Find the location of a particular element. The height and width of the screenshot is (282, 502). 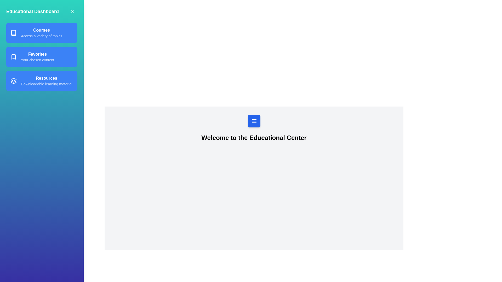

the Resources from the drawer menu is located at coordinates (41, 81).